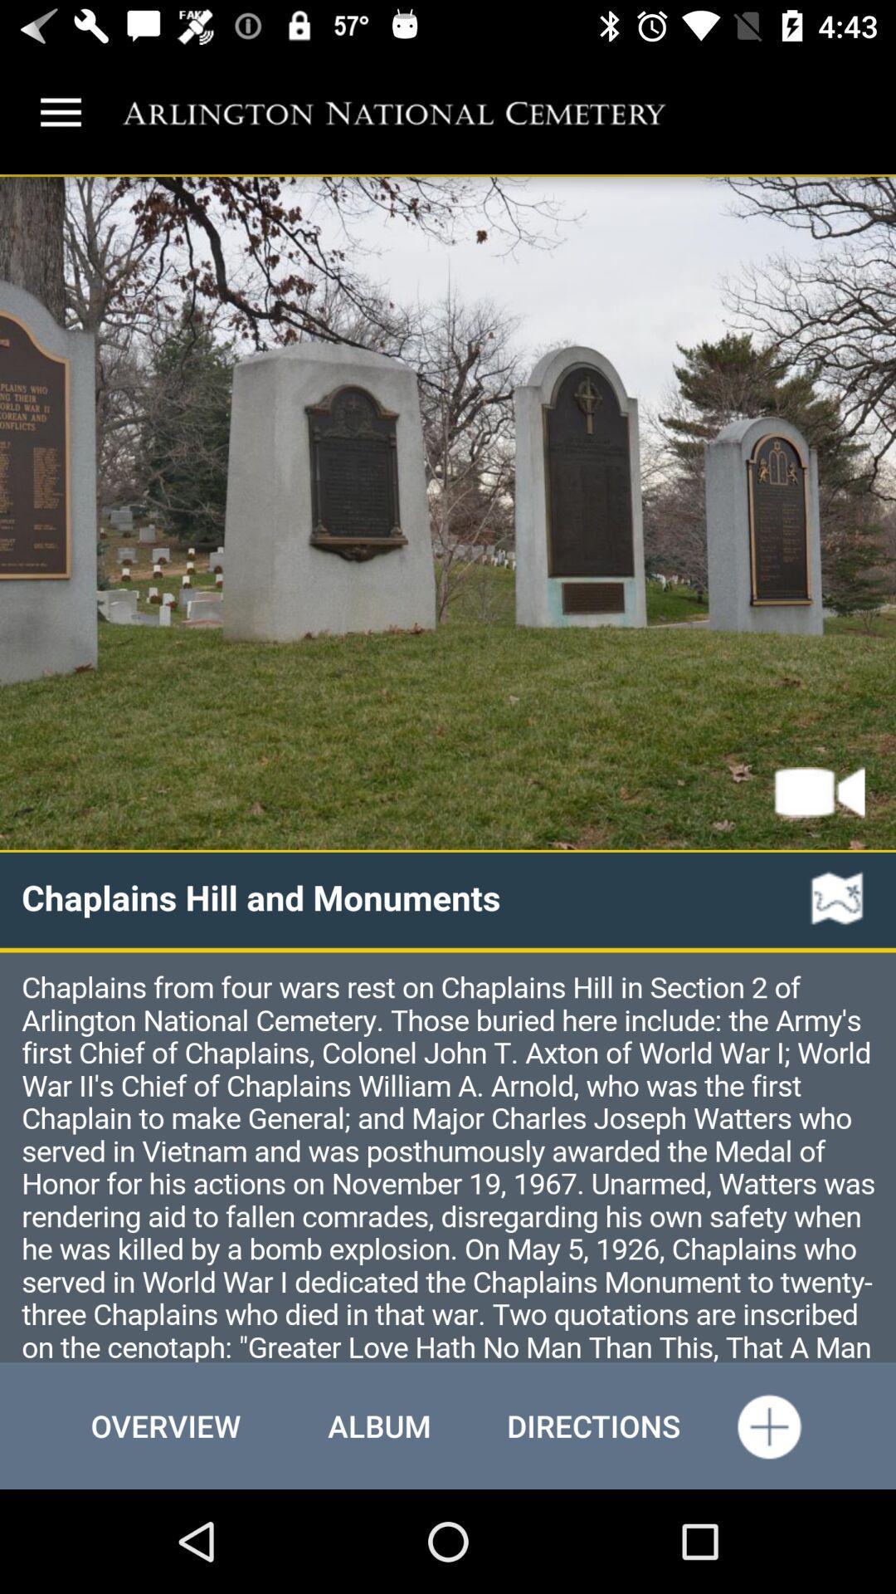 The image size is (896, 1594). Describe the element at coordinates (768, 1425) in the screenshot. I see `the add icon` at that location.